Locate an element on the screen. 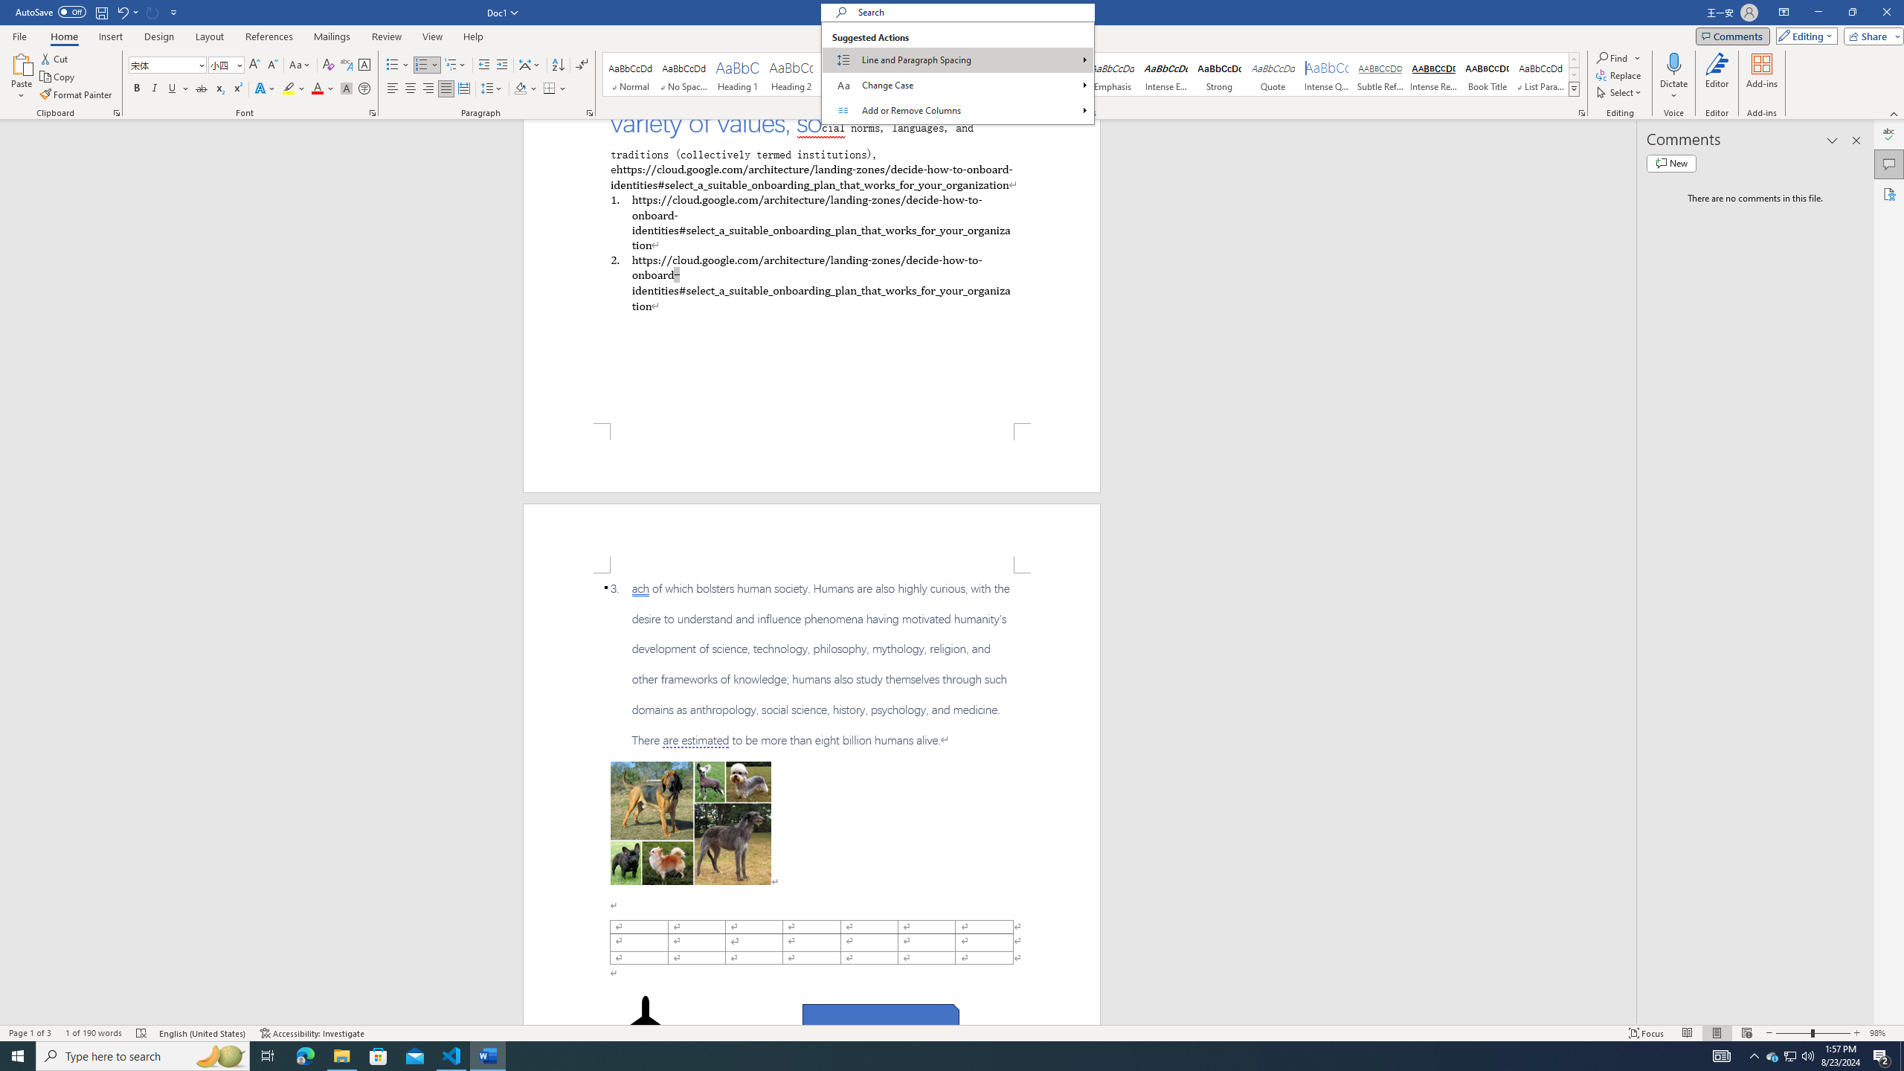 This screenshot has height=1071, width=1904. 'Align Right' is located at coordinates (428, 88).